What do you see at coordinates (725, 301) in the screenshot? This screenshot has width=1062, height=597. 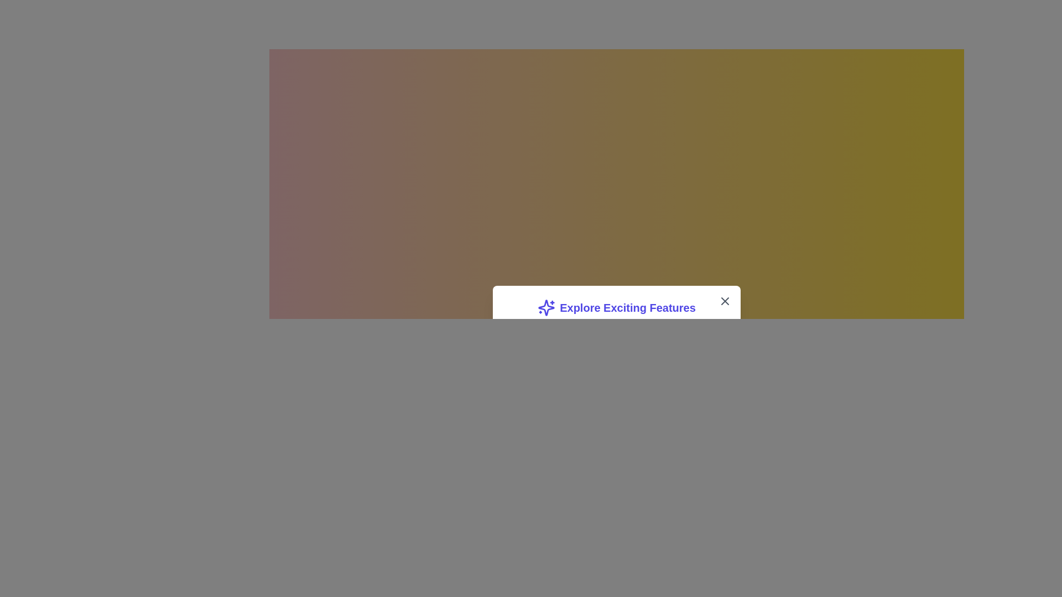 I see `the close button in the dialog to dismiss it` at bounding box center [725, 301].